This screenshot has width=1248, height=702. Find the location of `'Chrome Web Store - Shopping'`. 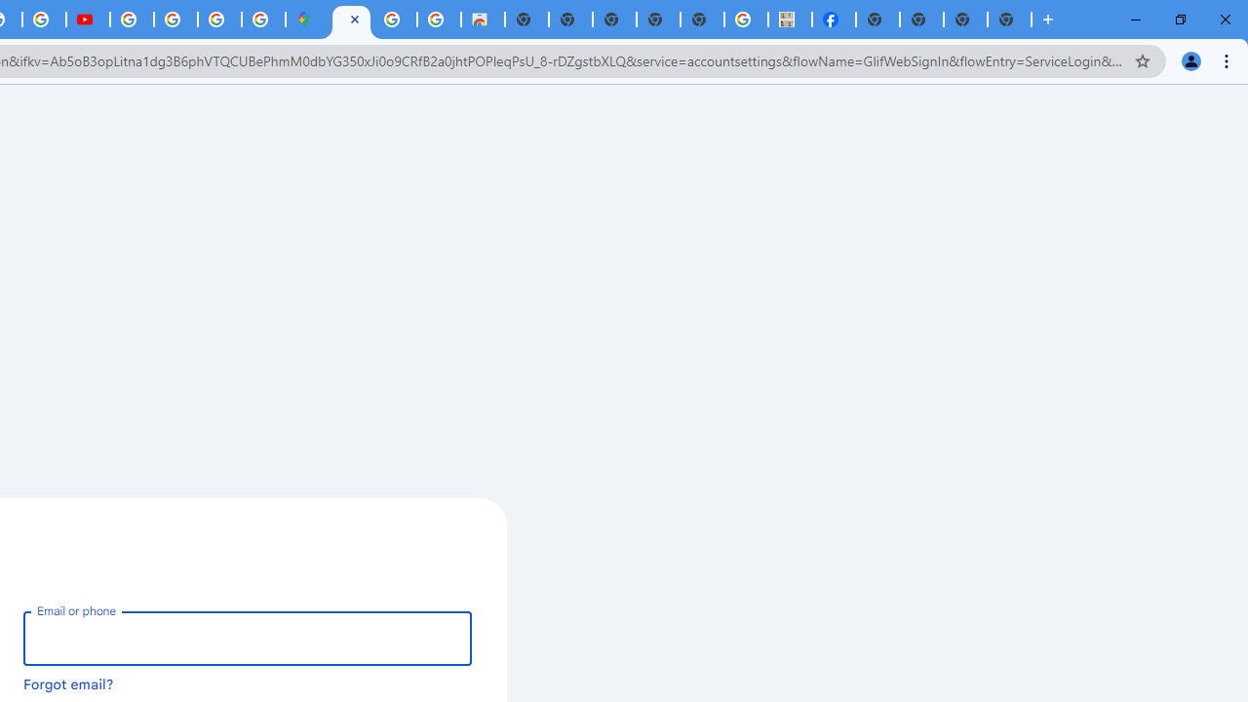

'Chrome Web Store - Shopping' is located at coordinates (483, 19).